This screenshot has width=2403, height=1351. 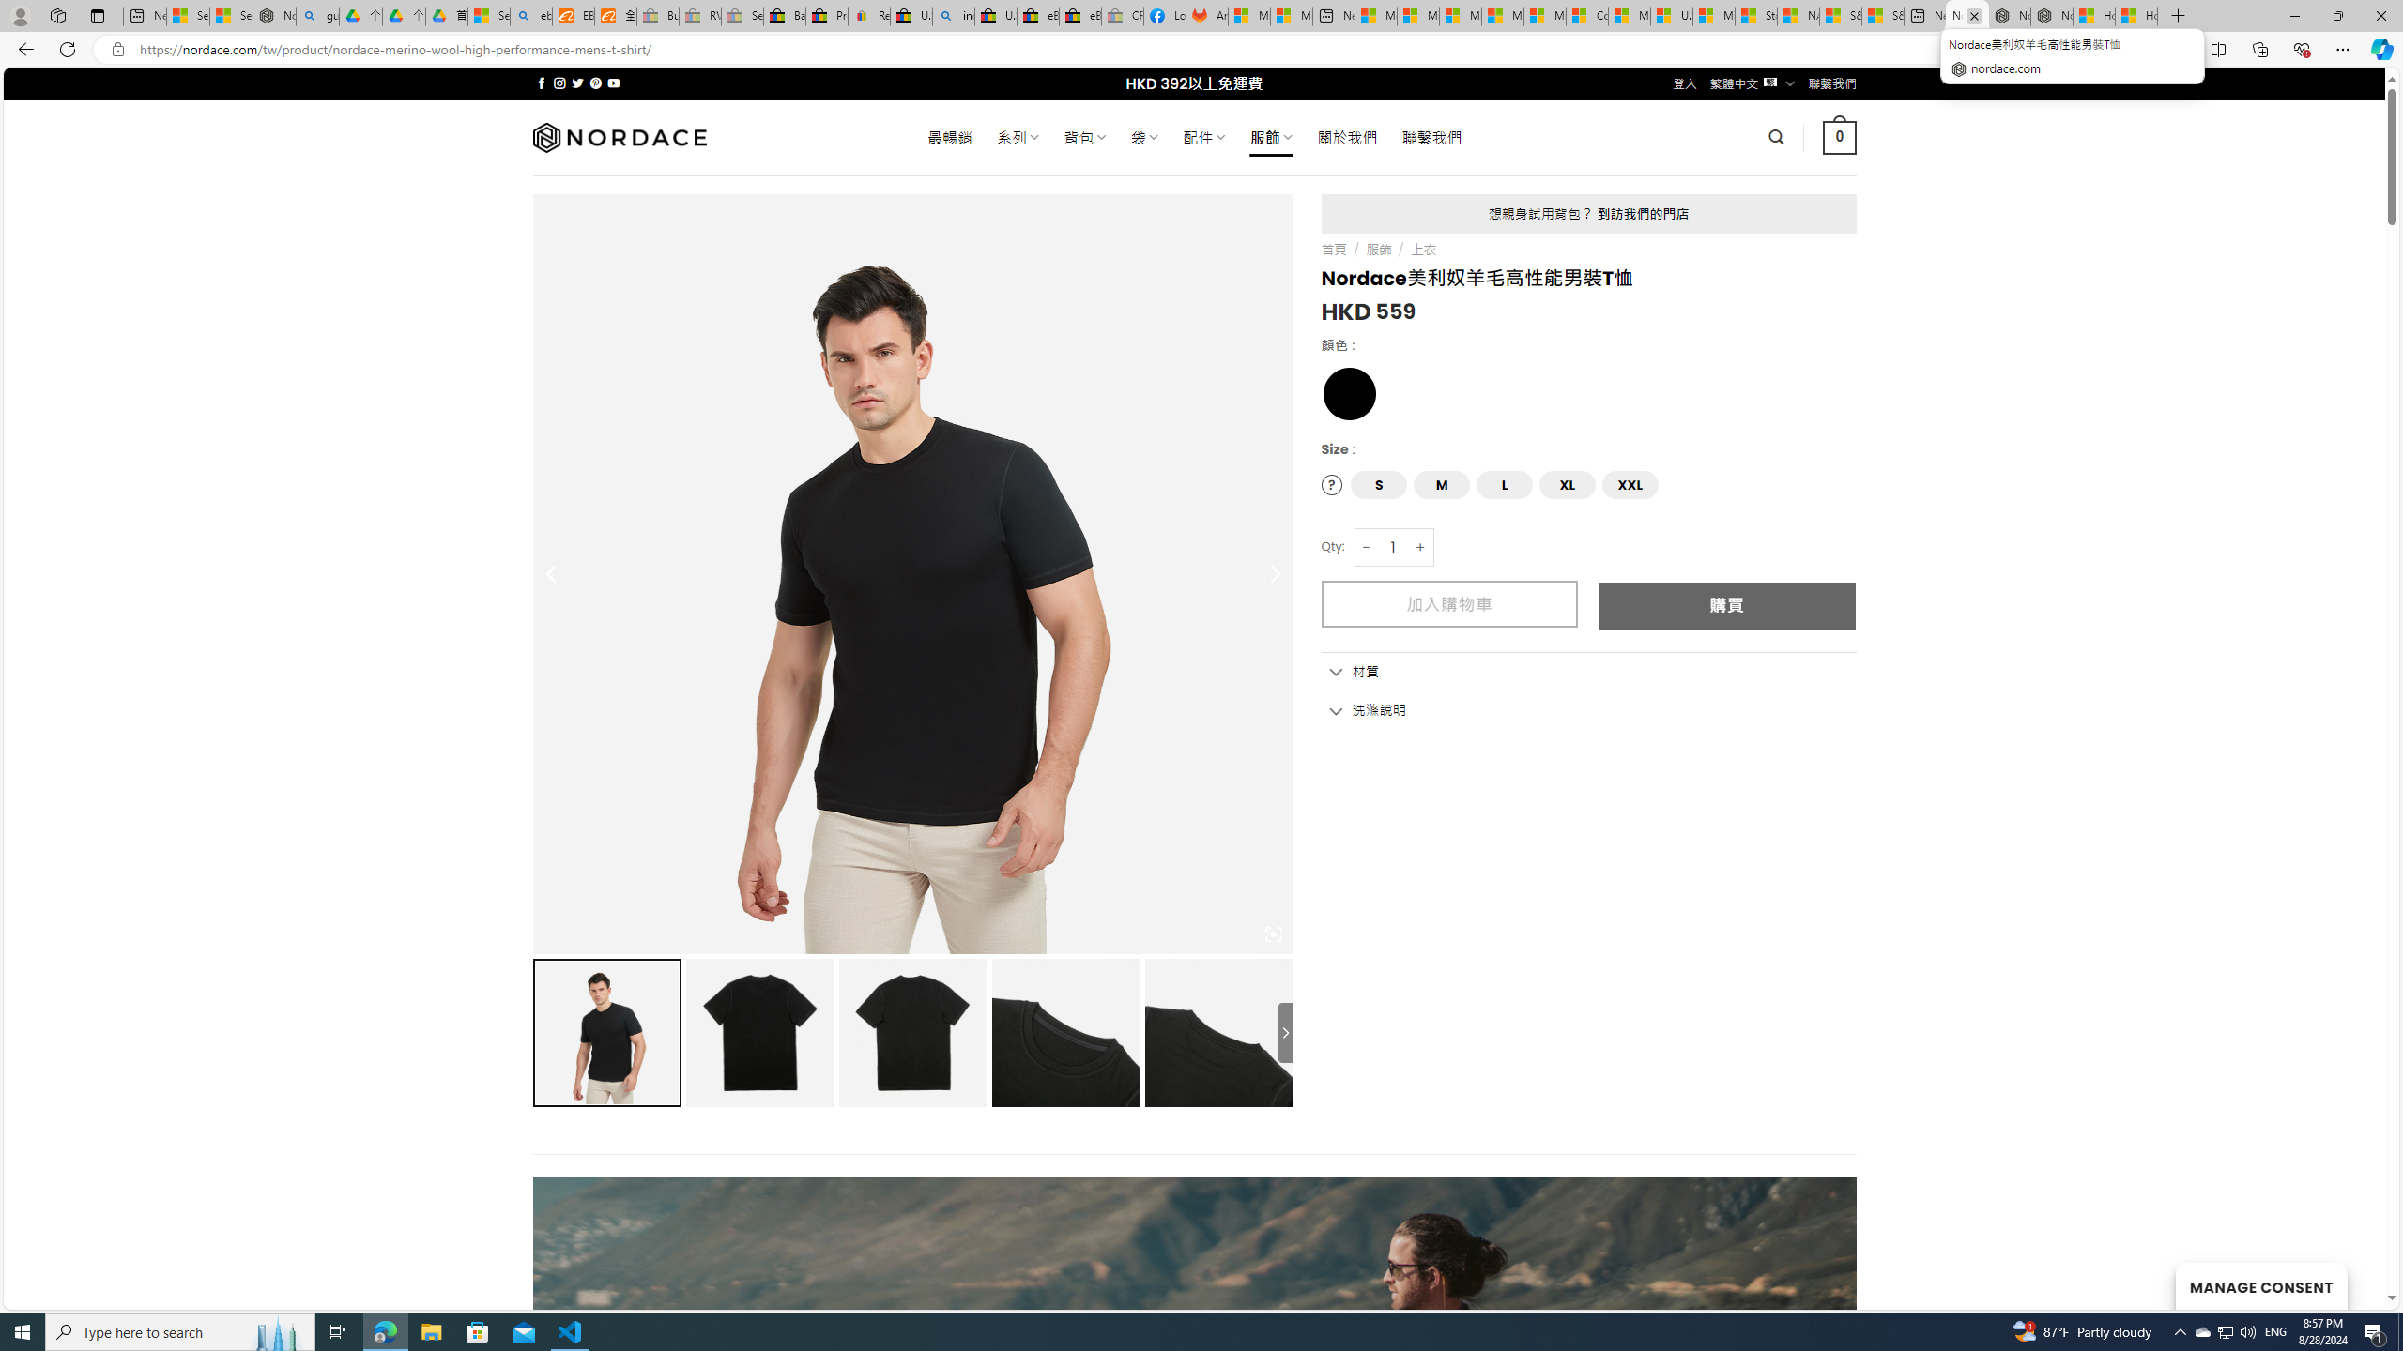 I want to click on 'eBay Inc. Reports Third Quarter 2023 Results', so click(x=1080, y=15).